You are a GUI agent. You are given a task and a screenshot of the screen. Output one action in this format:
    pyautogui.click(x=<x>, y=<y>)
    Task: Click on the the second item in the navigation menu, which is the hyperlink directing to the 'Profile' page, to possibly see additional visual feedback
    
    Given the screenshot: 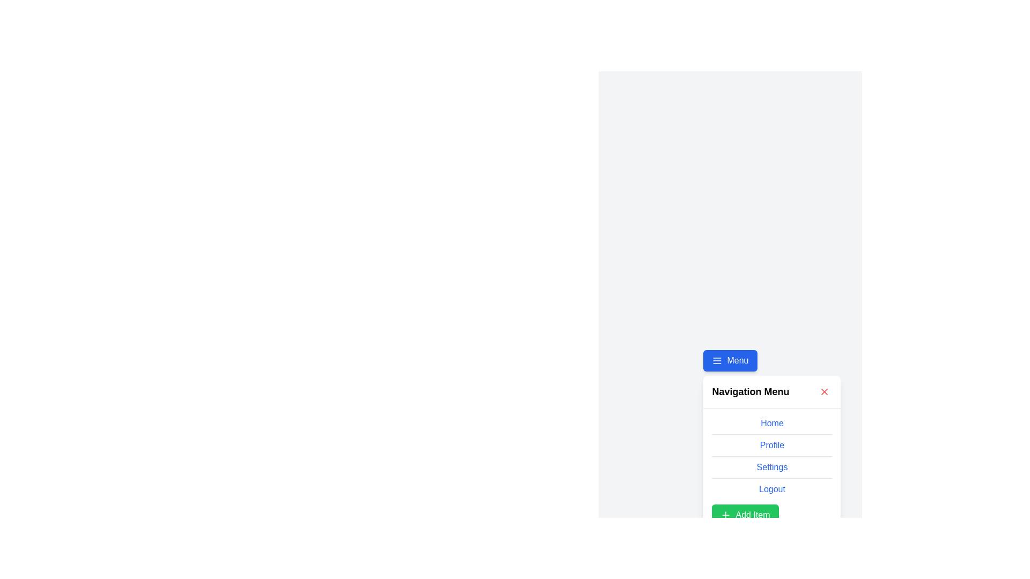 What is the action you would take?
    pyautogui.click(x=771, y=448)
    